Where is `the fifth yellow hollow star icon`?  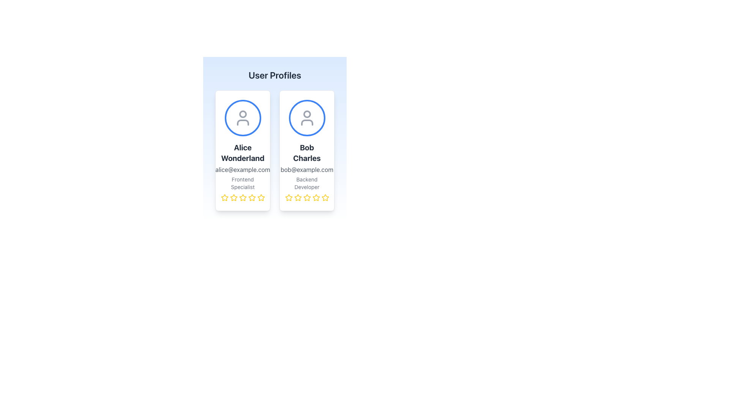
the fifth yellow hollow star icon is located at coordinates (325, 197).